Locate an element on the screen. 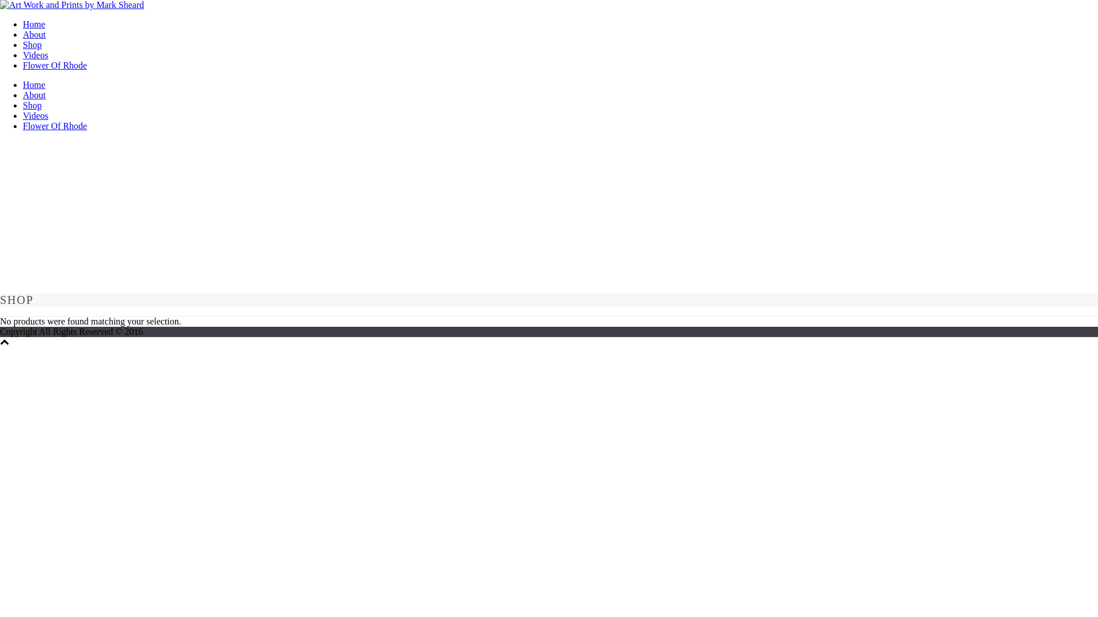  'Flower Of Rhode' is located at coordinates (54, 126).